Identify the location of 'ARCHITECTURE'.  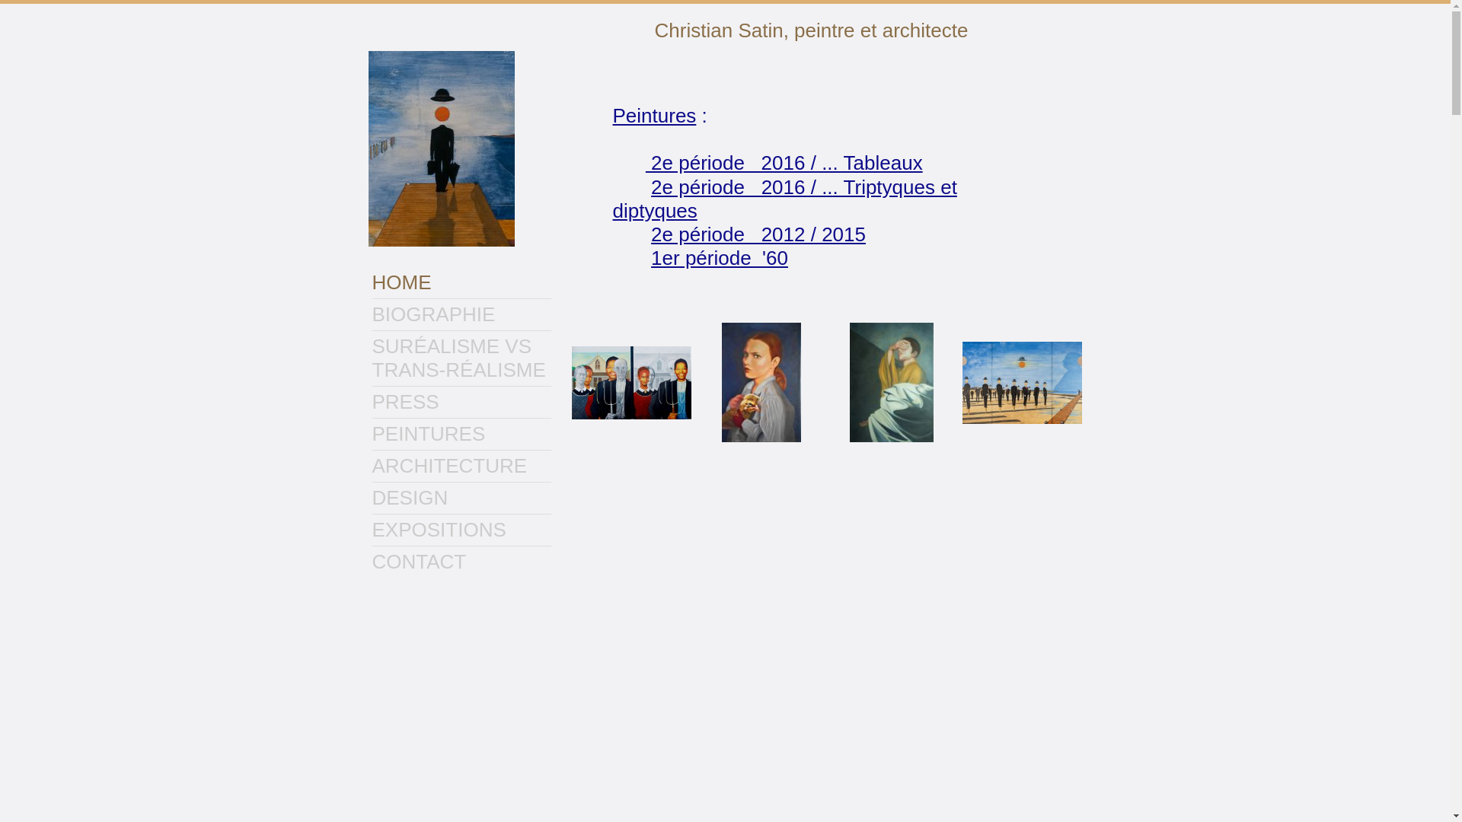
(460, 465).